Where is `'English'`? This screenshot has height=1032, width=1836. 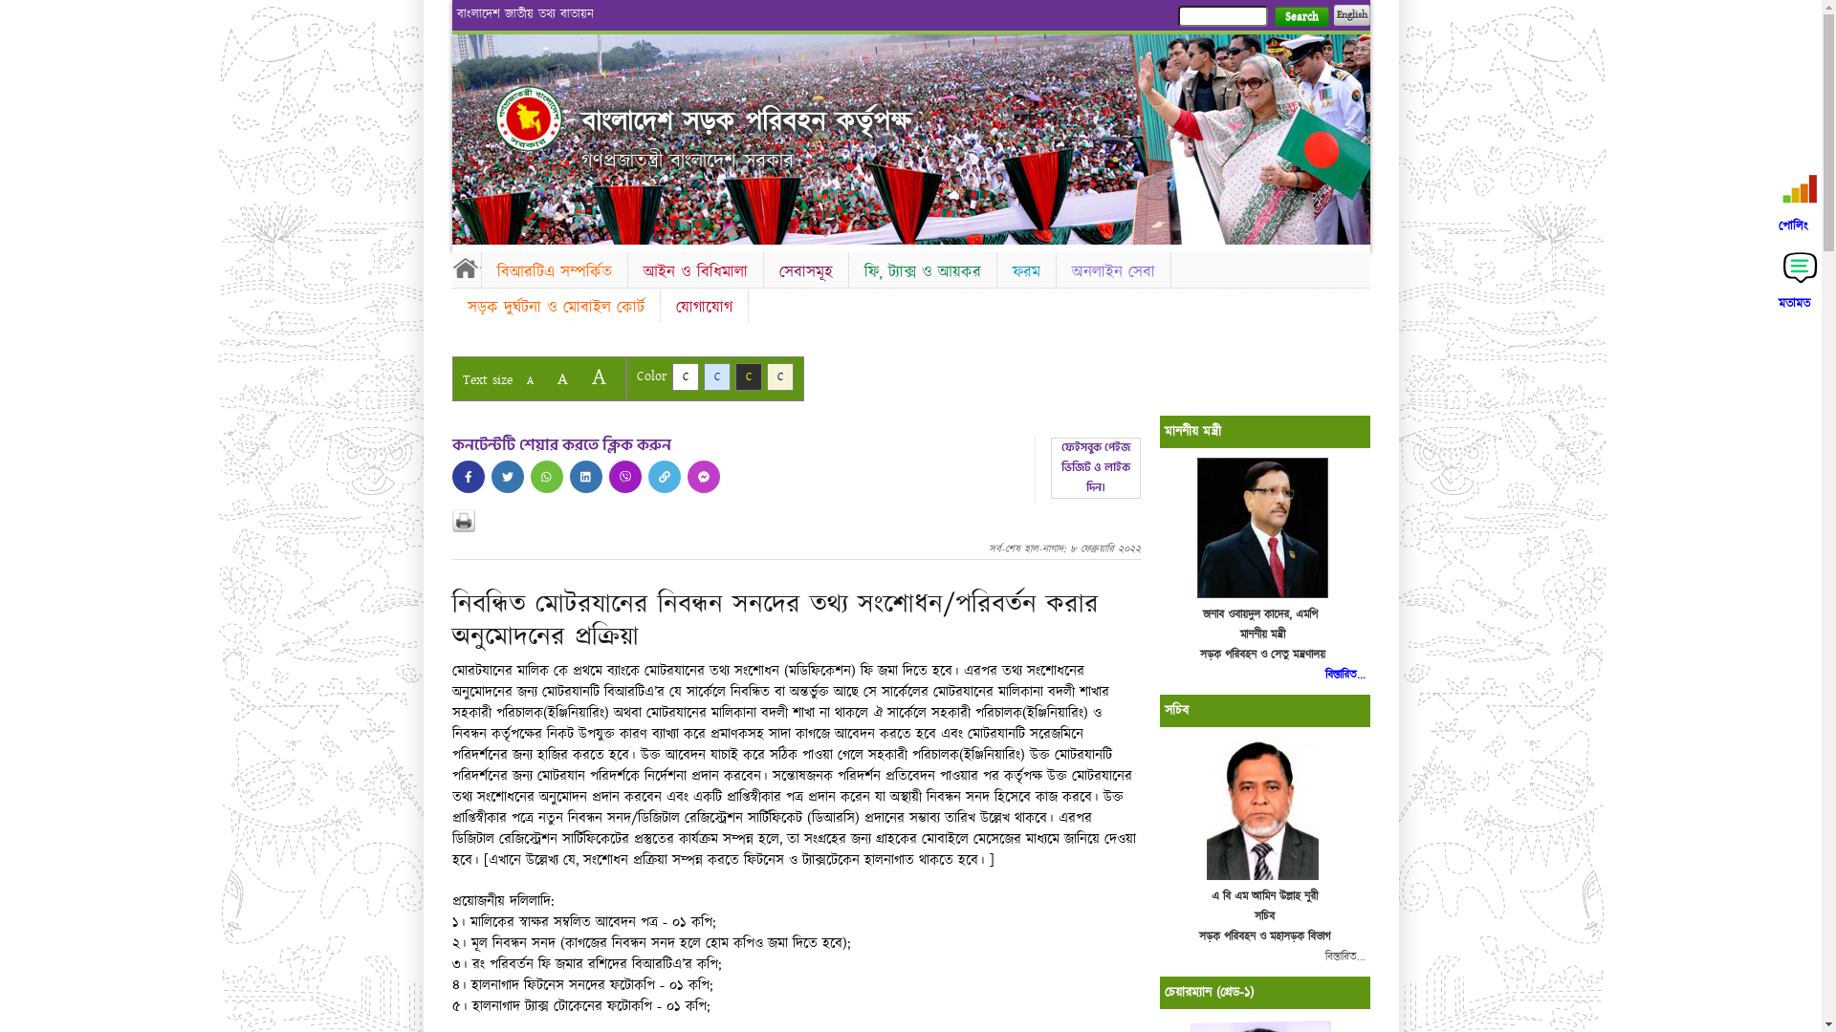 'English' is located at coordinates (1331, 14).